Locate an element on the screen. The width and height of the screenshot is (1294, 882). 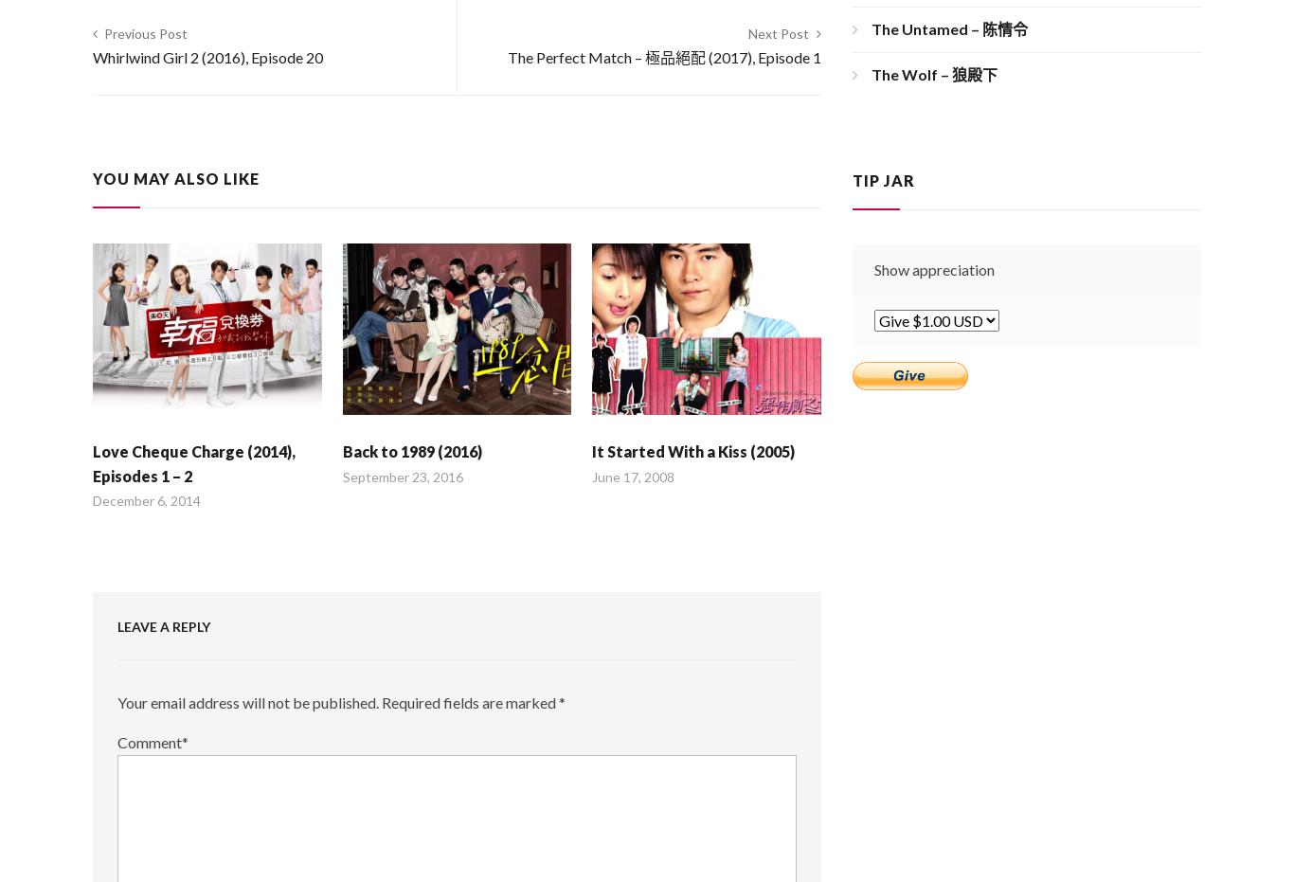
'You may also like' is located at coordinates (175, 177).